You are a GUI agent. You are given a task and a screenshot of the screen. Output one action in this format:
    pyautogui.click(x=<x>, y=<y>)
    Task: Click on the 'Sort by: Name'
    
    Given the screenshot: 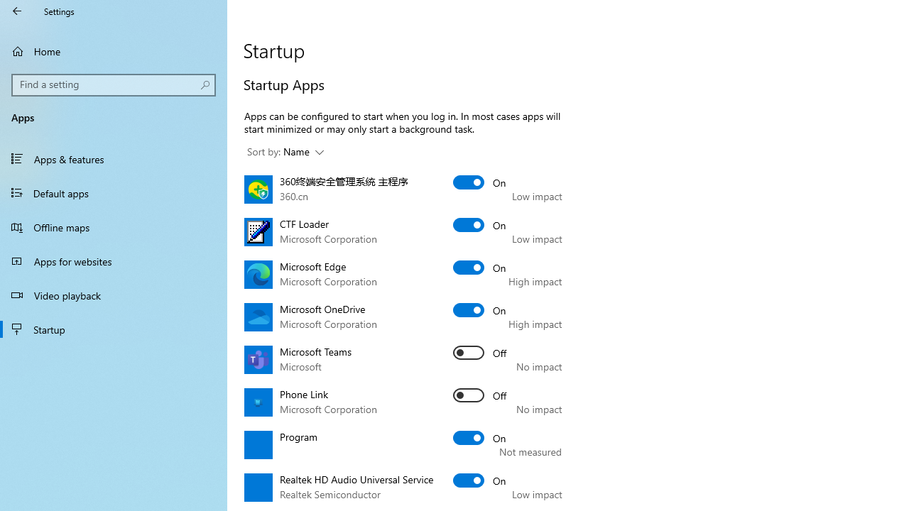 What is the action you would take?
    pyautogui.click(x=284, y=152)
    